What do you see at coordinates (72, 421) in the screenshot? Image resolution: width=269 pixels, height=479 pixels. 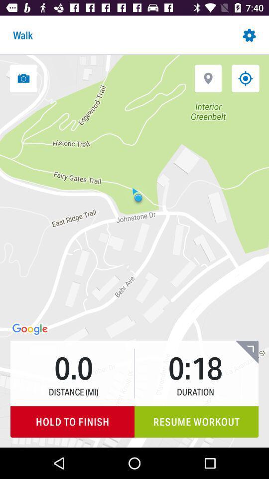 I see `item to the left of resume workout item` at bounding box center [72, 421].